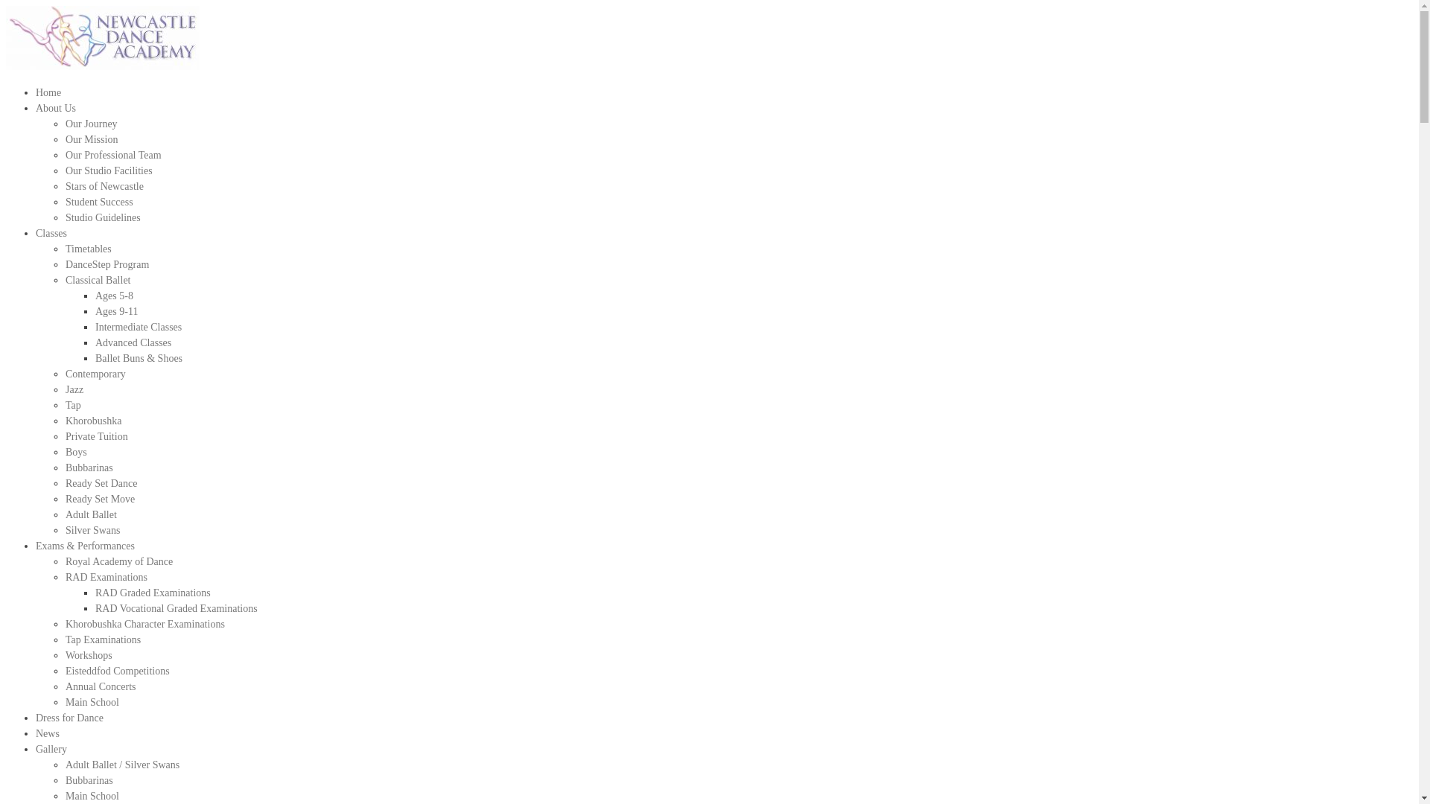 This screenshot has height=804, width=1430. What do you see at coordinates (91, 139) in the screenshot?
I see `'Our Mission'` at bounding box center [91, 139].